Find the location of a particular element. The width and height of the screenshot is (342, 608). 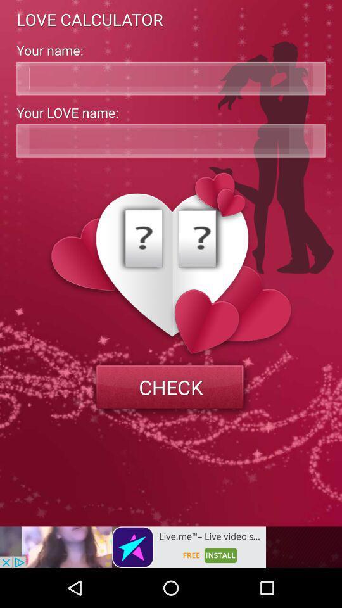

your username is located at coordinates (171, 78).